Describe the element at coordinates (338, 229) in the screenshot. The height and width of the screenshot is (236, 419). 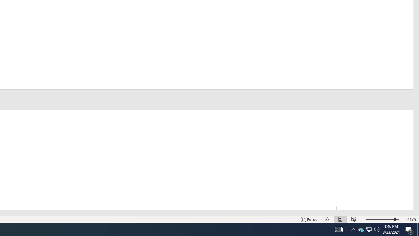
I see `'AutomationID: 4105'` at that location.